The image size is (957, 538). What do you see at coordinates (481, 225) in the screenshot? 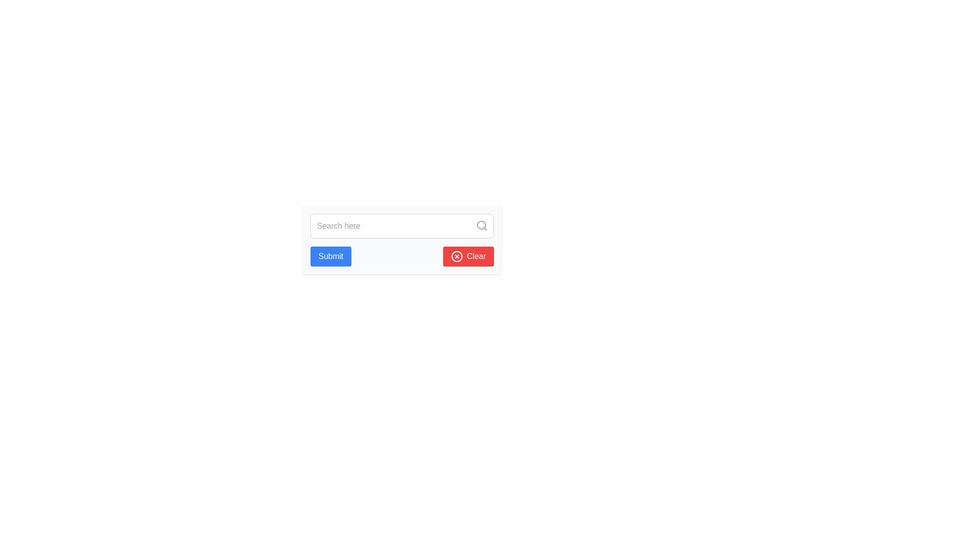
I see `the search icon styled as a magnifying glass, located towards the top-right corner of the search input area, to initiate a search` at bounding box center [481, 225].